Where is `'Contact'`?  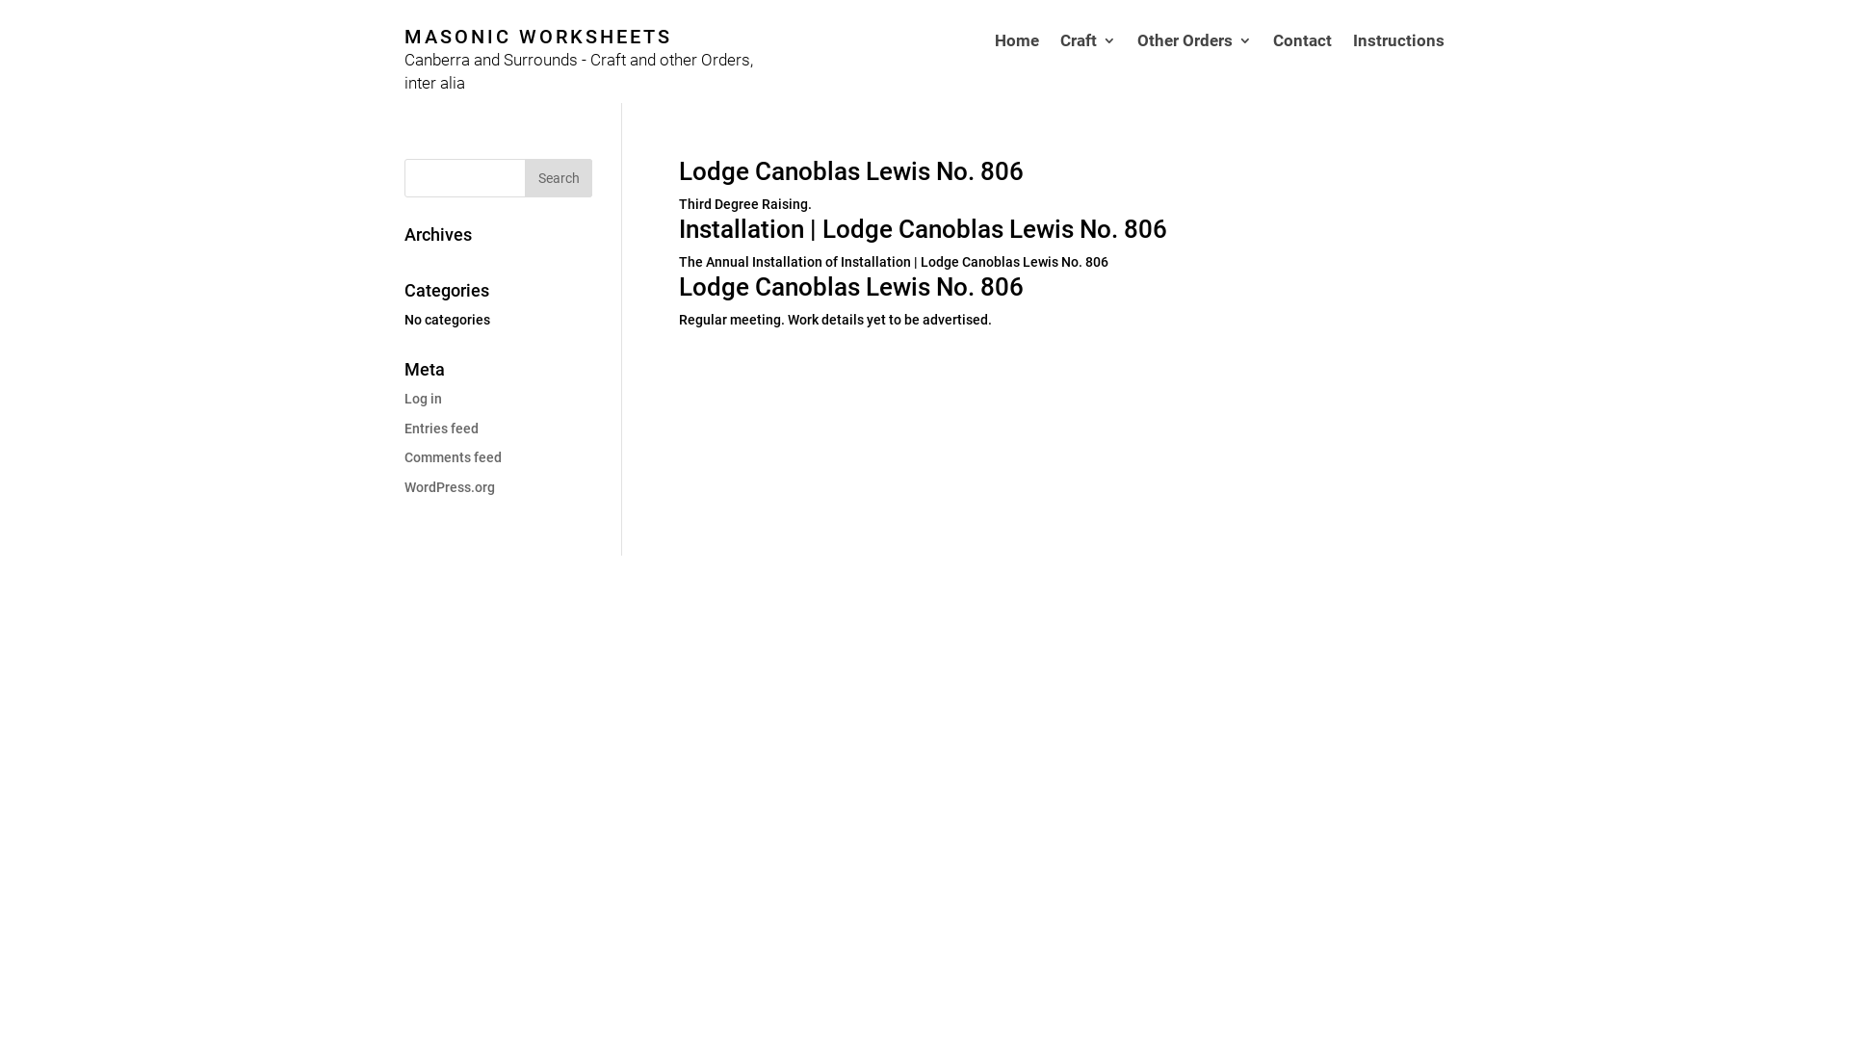 'Contact' is located at coordinates (1272, 66).